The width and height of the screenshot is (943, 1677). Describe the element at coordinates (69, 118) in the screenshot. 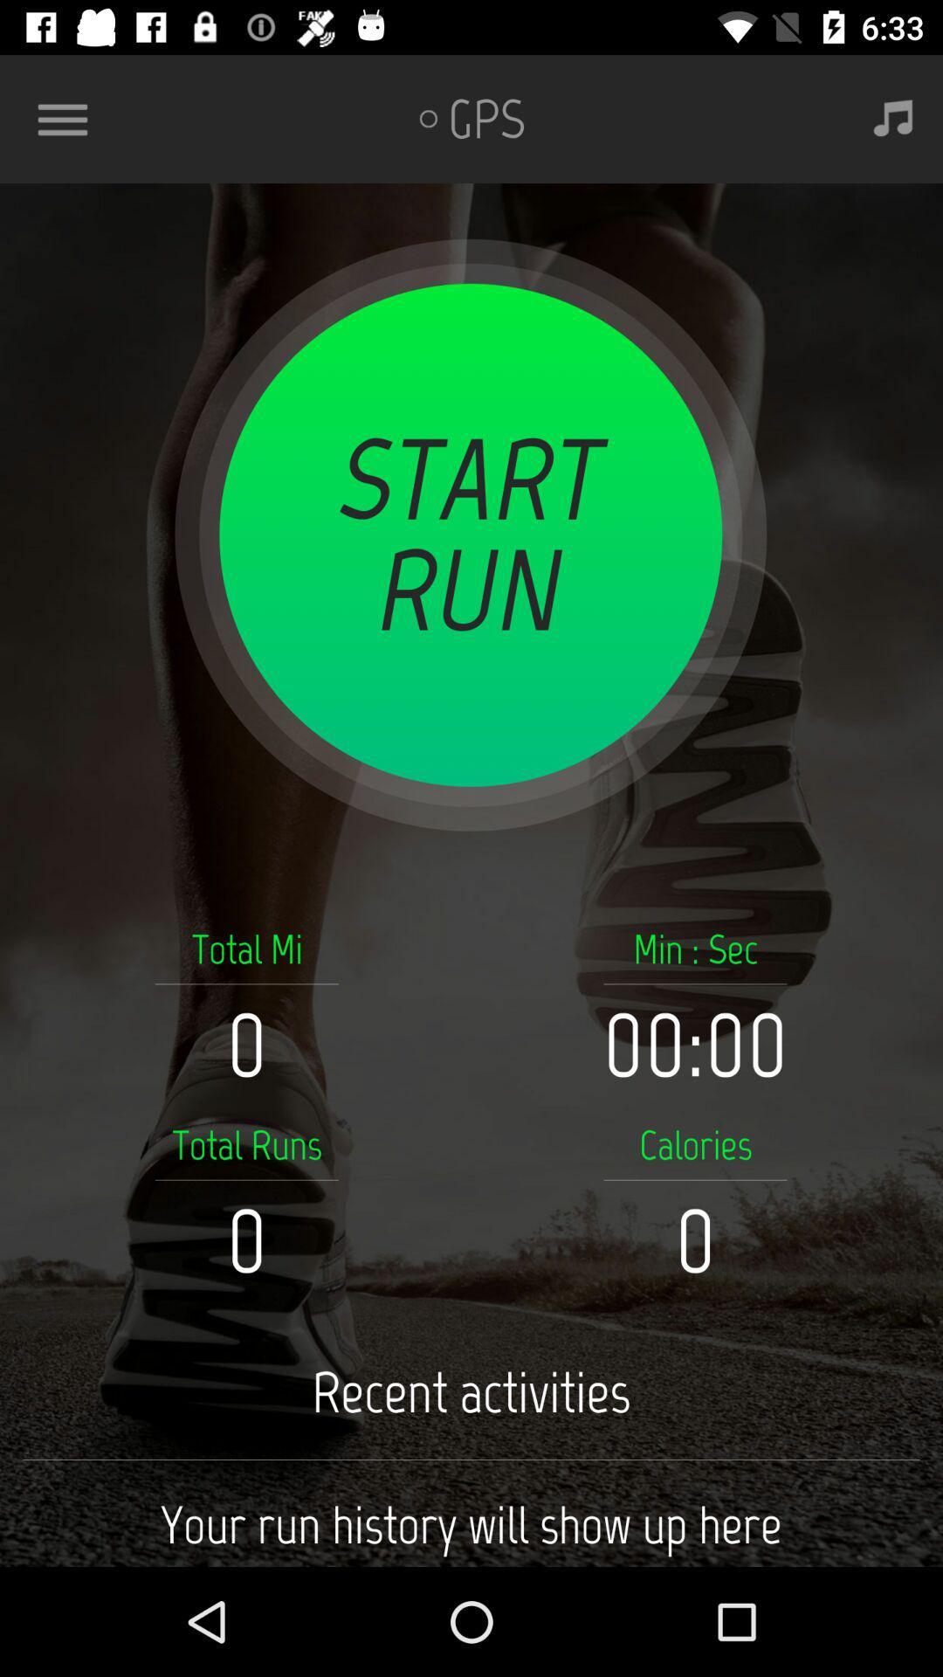

I see `menu` at that location.